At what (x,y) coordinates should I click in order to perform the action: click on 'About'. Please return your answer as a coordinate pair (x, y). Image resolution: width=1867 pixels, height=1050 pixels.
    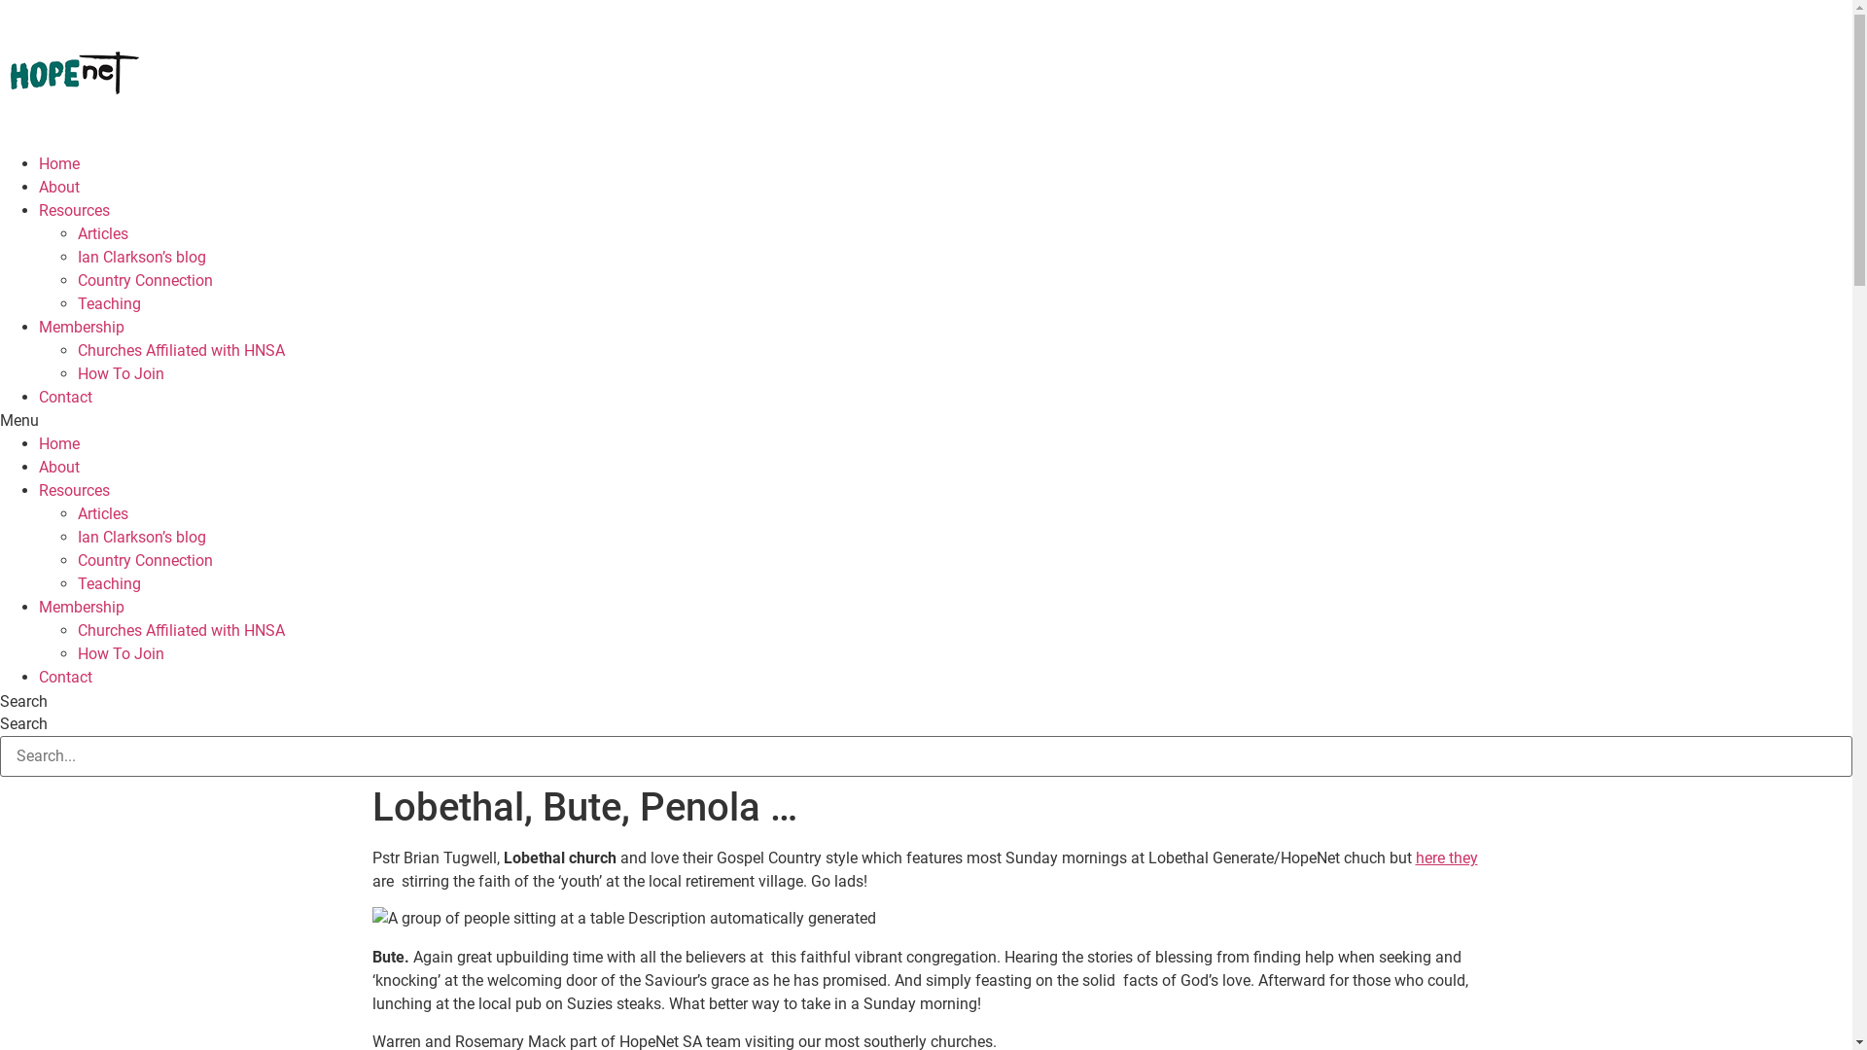
    Looking at the image, I should click on (38, 467).